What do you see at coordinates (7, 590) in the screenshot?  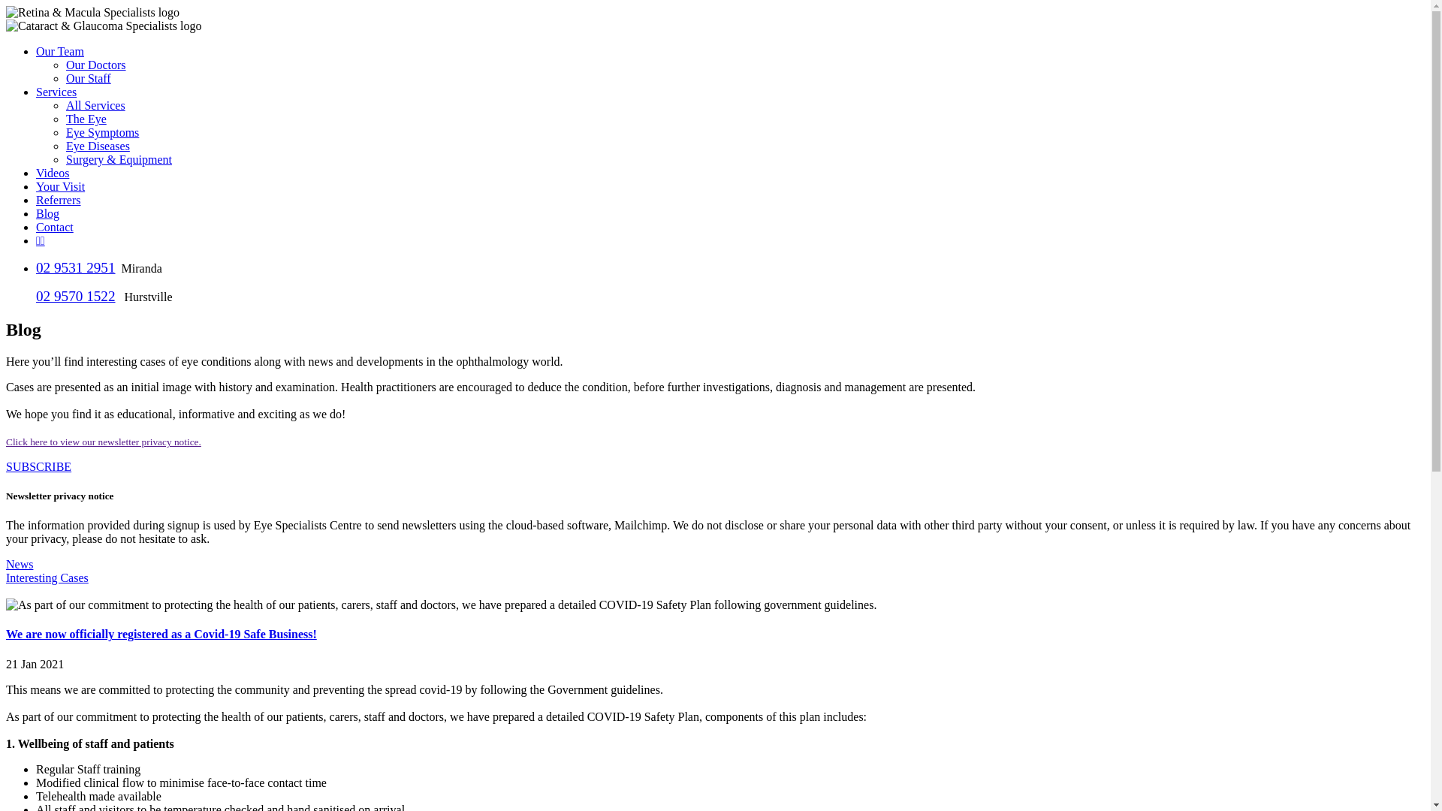 I see `' '` at bounding box center [7, 590].